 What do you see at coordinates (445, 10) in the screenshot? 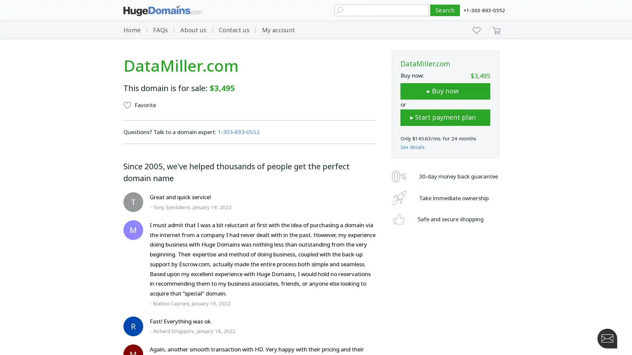
I see `Search` at bounding box center [445, 10].